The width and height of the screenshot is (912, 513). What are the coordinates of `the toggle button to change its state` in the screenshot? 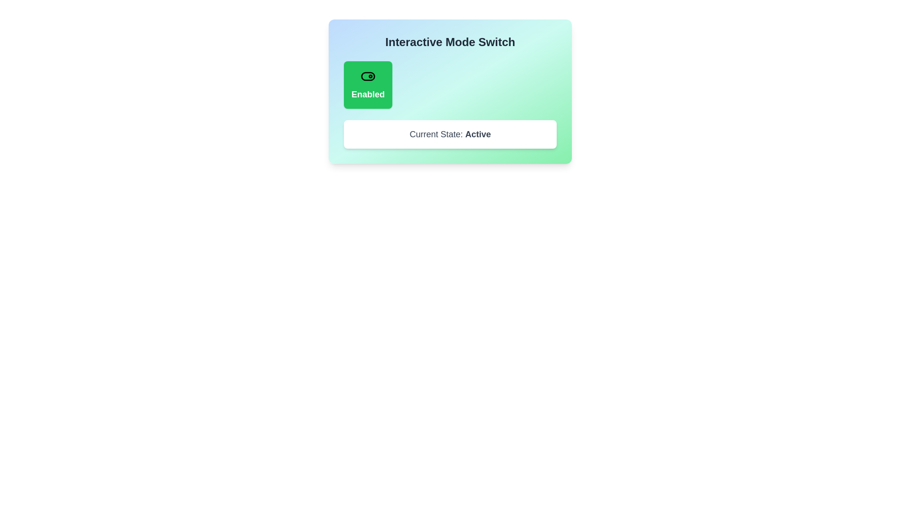 It's located at (367, 84).